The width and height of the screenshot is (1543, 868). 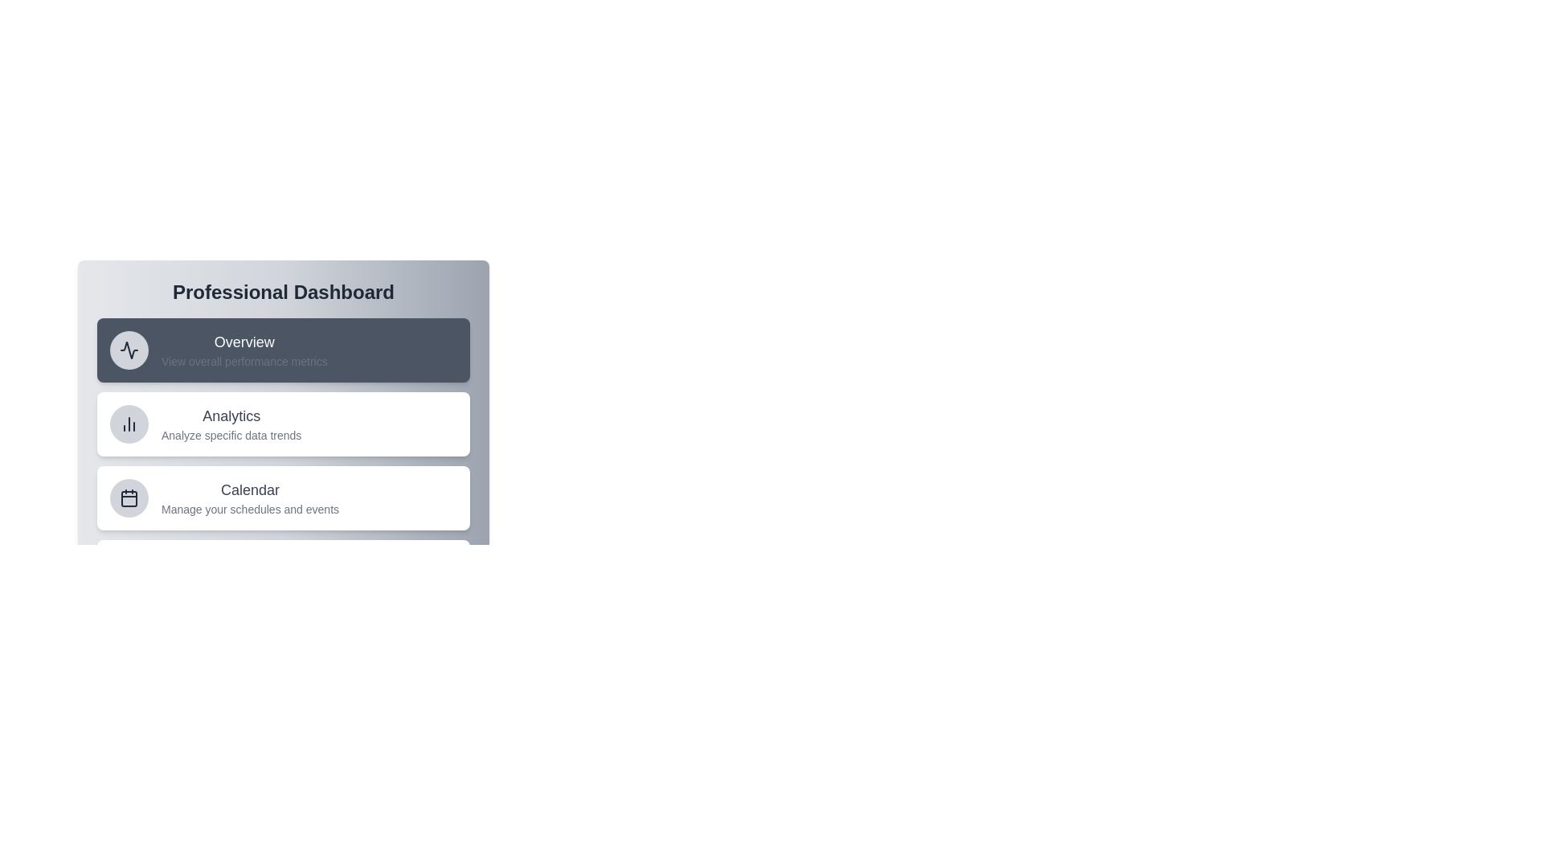 I want to click on the menu item corresponding to Calendar to activate its tab, so click(x=284, y=497).